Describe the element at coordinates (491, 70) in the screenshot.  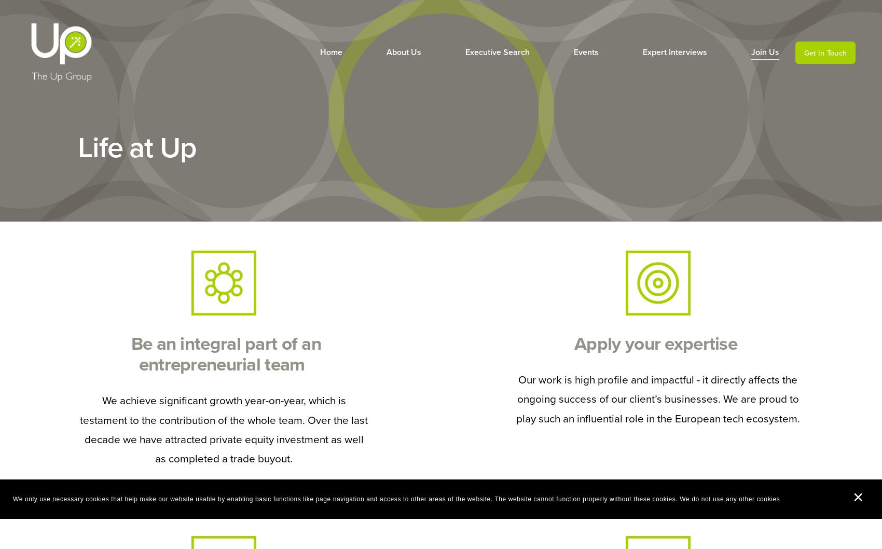
I see `'Our Focus'` at that location.